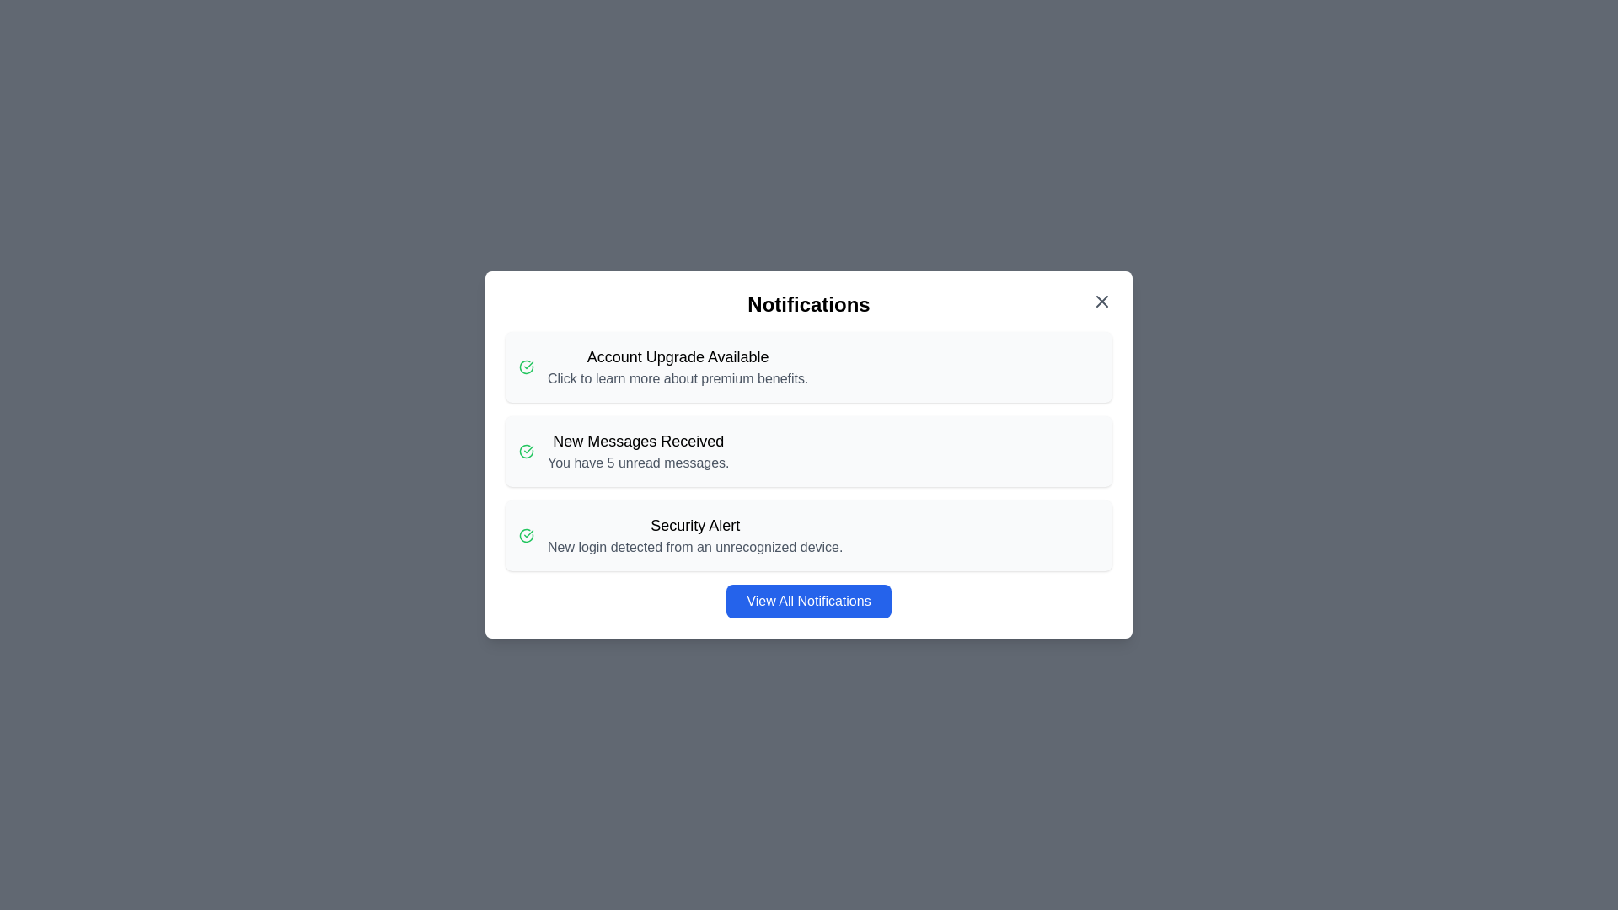 Image resolution: width=1618 pixels, height=910 pixels. I want to click on text that says 'You have 5 unread messages.' which is styled in a smaller, subdued gray font located beneath the larger header 'New Messages Received.', so click(637, 463).